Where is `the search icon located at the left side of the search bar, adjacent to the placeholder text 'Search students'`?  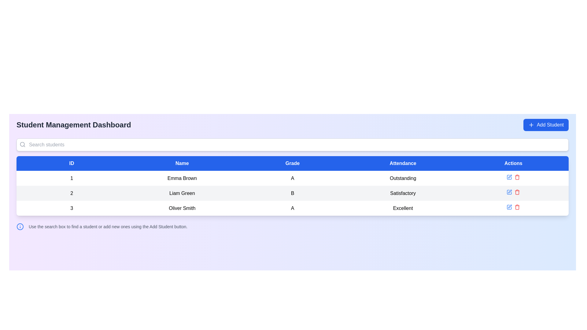
the search icon located at the left side of the search bar, adjacent to the placeholder text 'Search students' is located at coordinates (22, 145).